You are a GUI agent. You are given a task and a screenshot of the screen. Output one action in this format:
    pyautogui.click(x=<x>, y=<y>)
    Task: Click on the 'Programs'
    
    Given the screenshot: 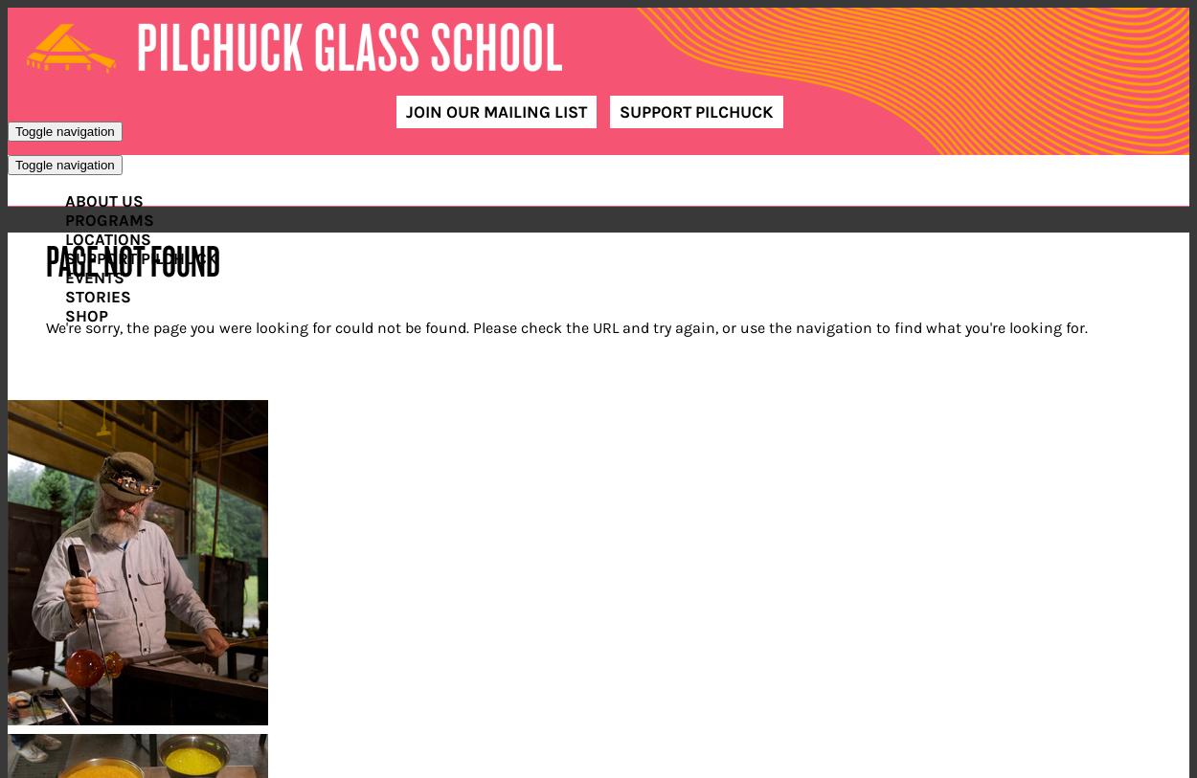 What is the action you would take?
    pyautogui.click(x=108, y=218)
    